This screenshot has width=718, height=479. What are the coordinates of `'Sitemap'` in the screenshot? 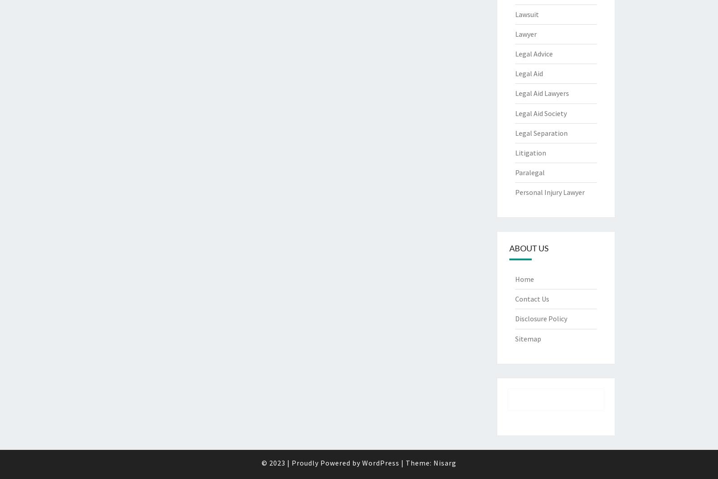 It's located at (528, 338).